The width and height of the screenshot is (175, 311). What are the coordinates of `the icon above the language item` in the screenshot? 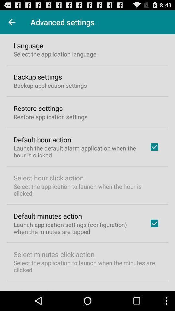 It's located at (12, 22).